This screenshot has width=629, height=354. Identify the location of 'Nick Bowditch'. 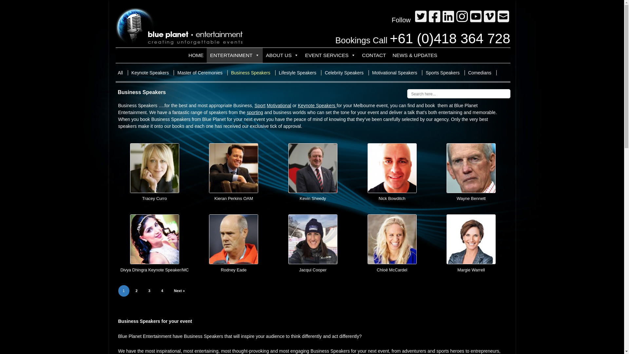
(392, 171).